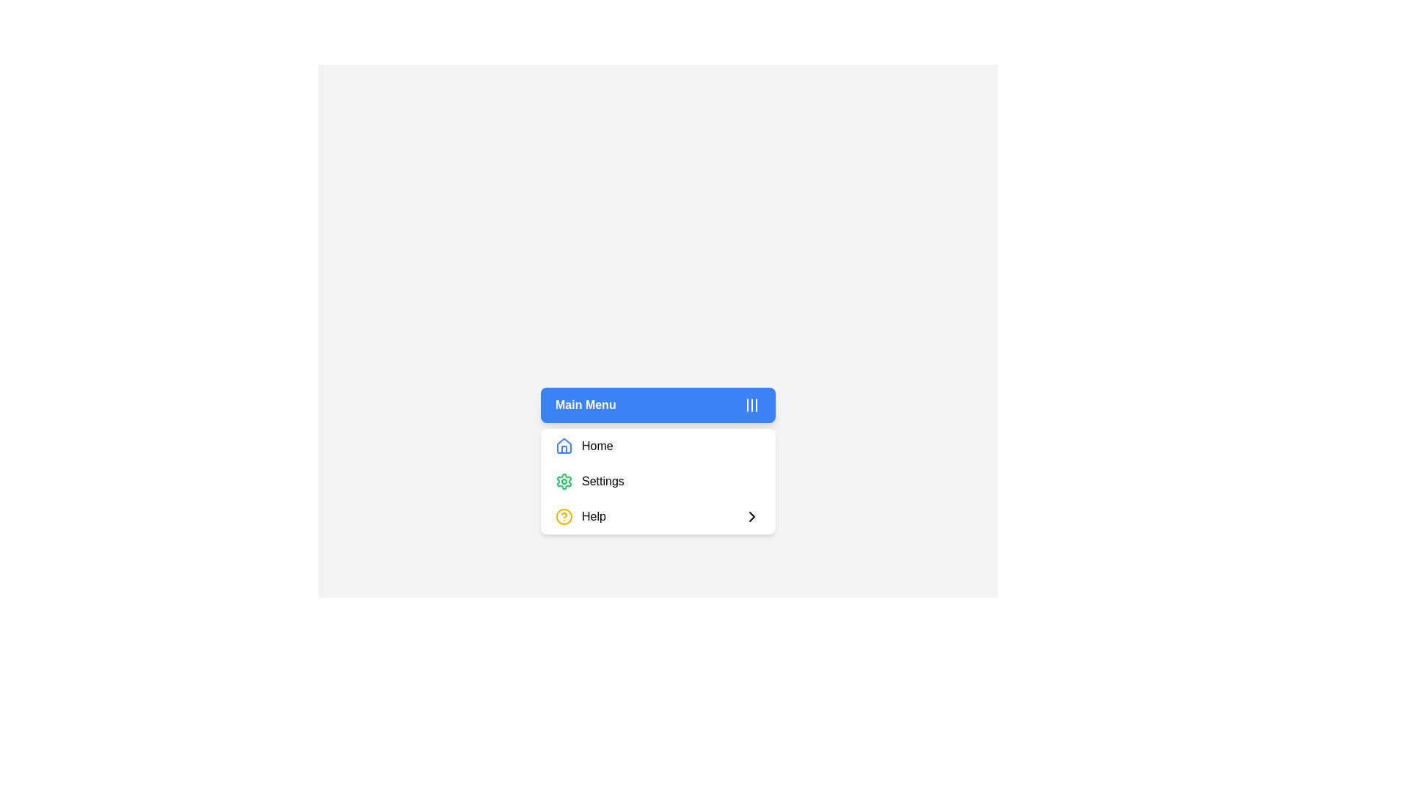 This screenshot has width=1409, height=793. I want to click on the label that describes the menu item linked to the Home page, which is located to the right of the house icon in the first menu item of the vertical menu list under the blue header 'Main Menu', so click(597, 446).